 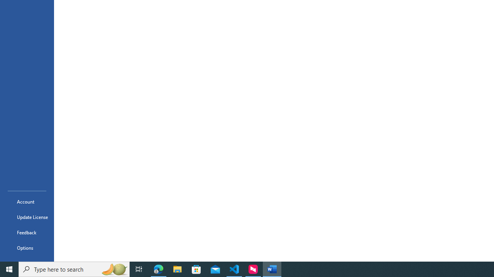 What do you see at coordinates (27, 248) in the screenshot?
I see `'Options'` at bounding box center [27, 248].